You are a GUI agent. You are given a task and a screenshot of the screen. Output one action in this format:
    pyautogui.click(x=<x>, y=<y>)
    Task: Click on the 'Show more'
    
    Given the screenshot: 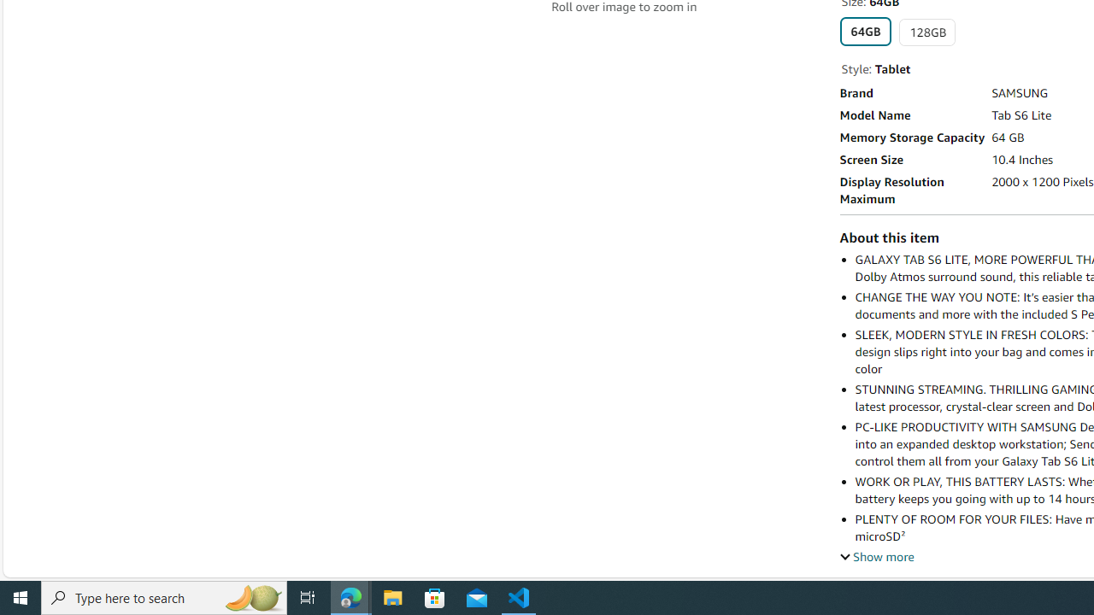 What is the action you would take?
    pyautogui.click(x=876, y=556)
    